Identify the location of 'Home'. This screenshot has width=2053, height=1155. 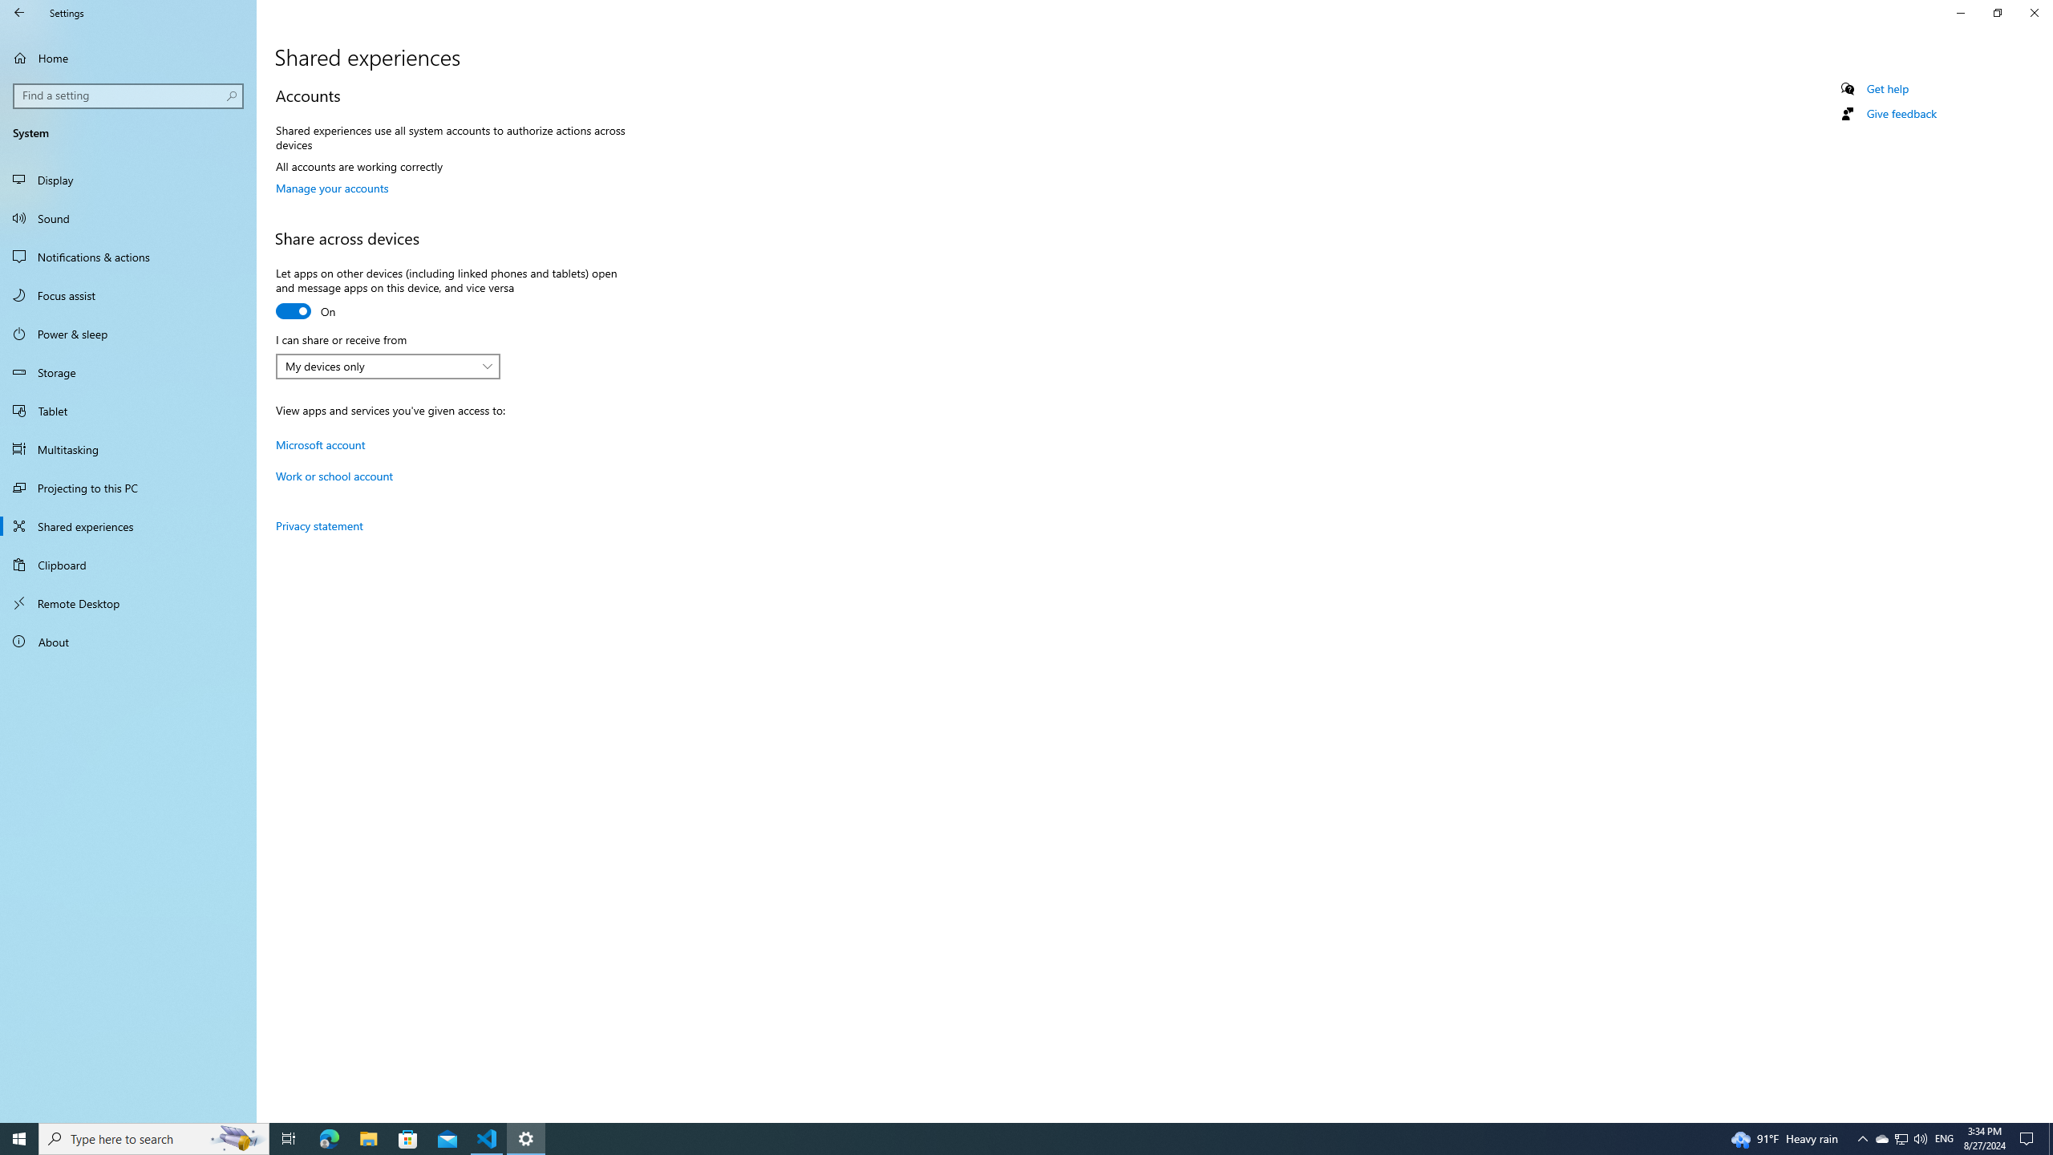
(128, 58).